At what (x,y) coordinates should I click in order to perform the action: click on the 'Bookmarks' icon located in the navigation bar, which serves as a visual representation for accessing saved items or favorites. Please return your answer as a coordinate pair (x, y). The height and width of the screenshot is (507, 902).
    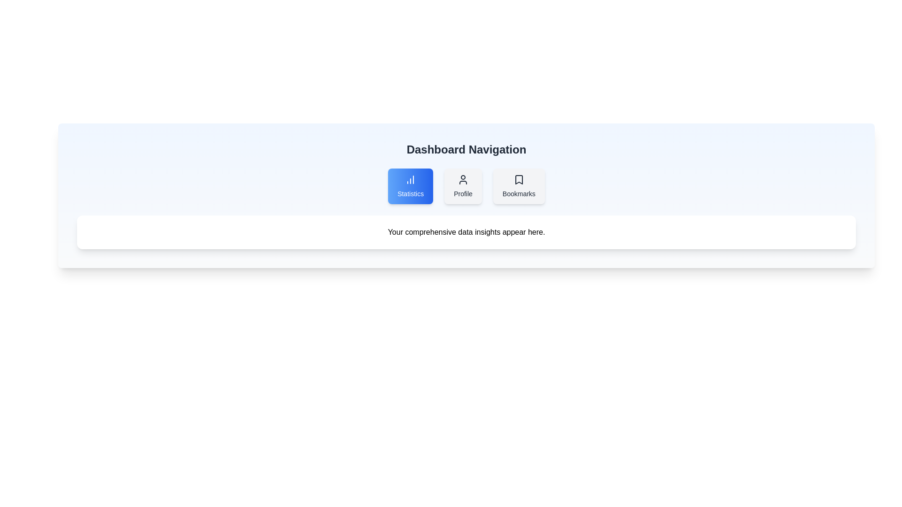
    Looking at the image, I should click on (518, 179).